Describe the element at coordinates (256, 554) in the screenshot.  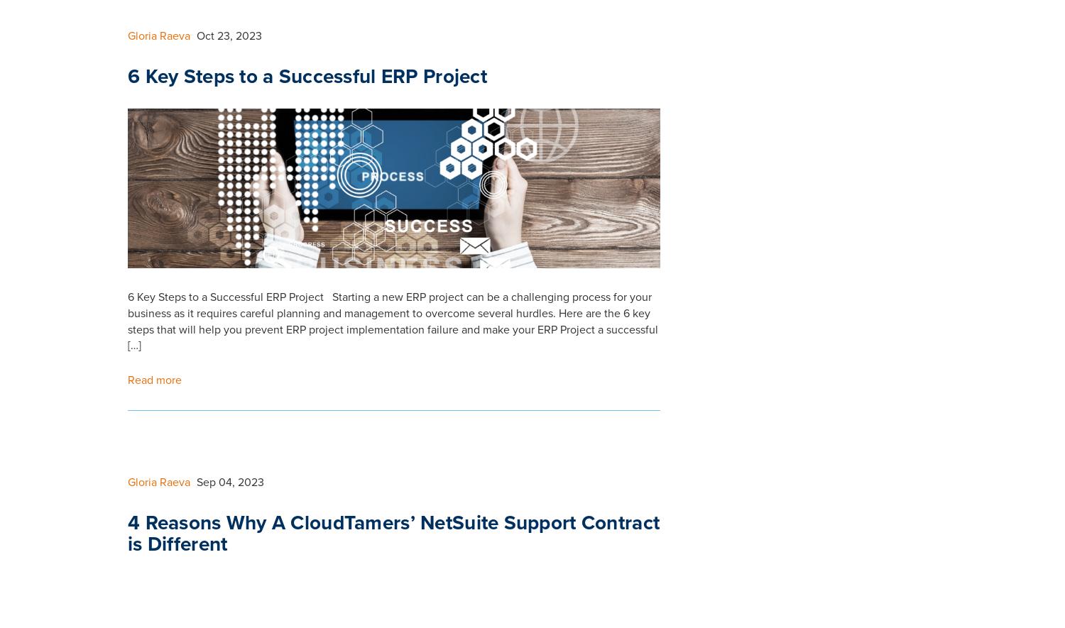
I see `'Resources'` at that location.